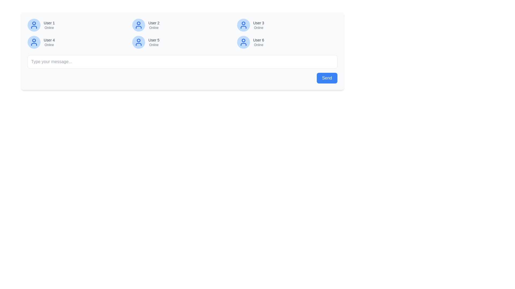 The image size is (515, 289). I want to click on the person icon with a blue color and circular head and shoulders representation located in the top-left corner of the user list section, so click(34, 25).